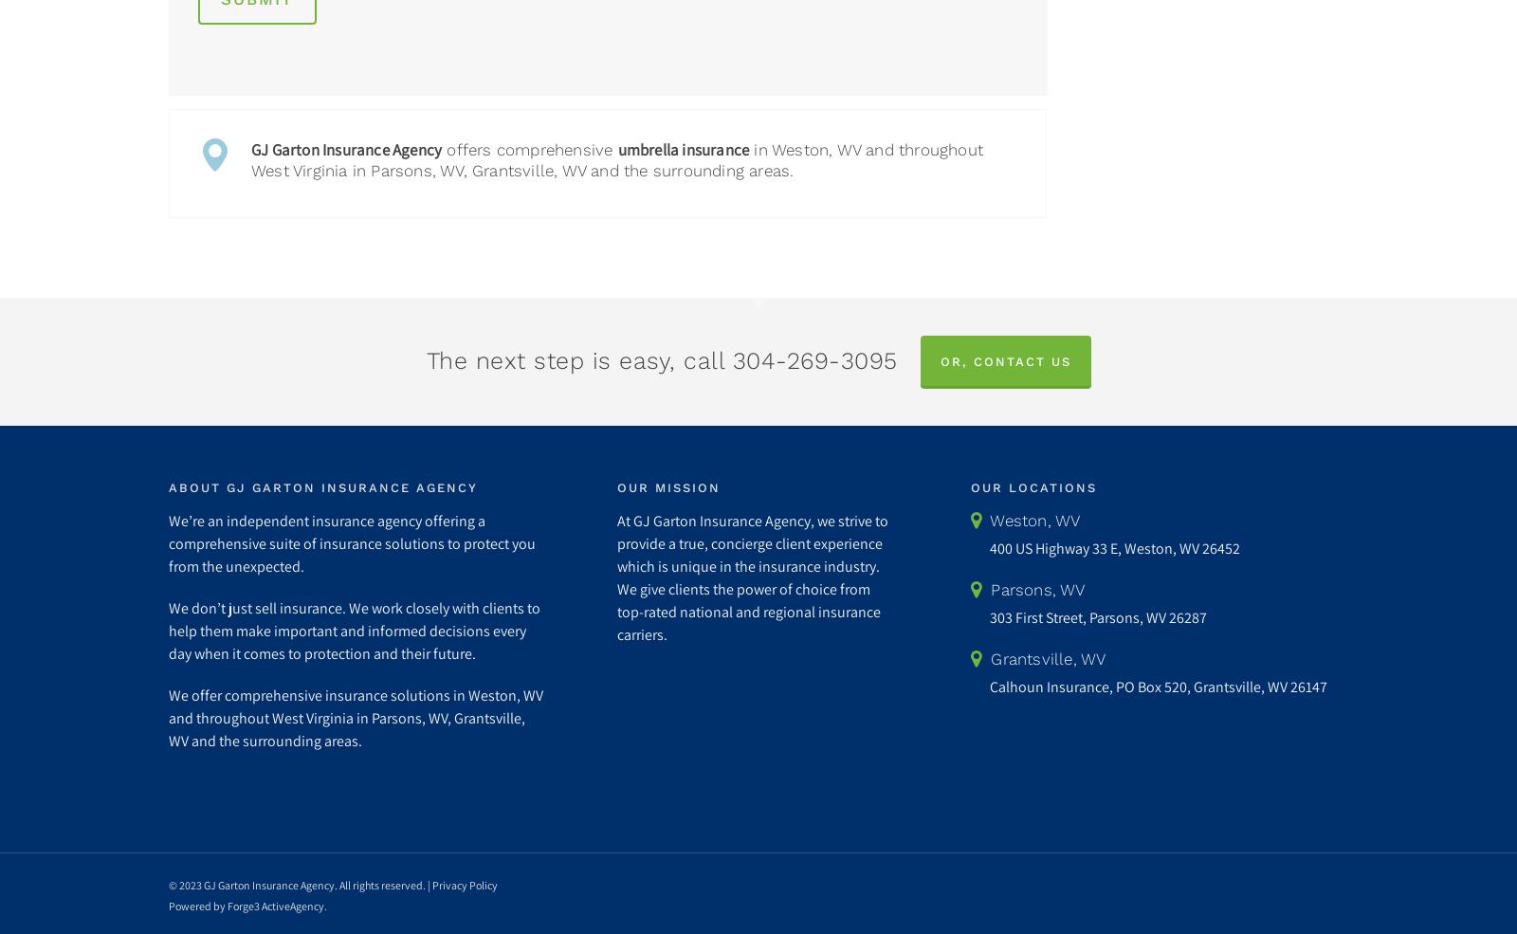 Image resolution: width=1517 pixels, height=934 pixels. I want to click on 'GJ Garton Insurance Agency', so click(346, 149).